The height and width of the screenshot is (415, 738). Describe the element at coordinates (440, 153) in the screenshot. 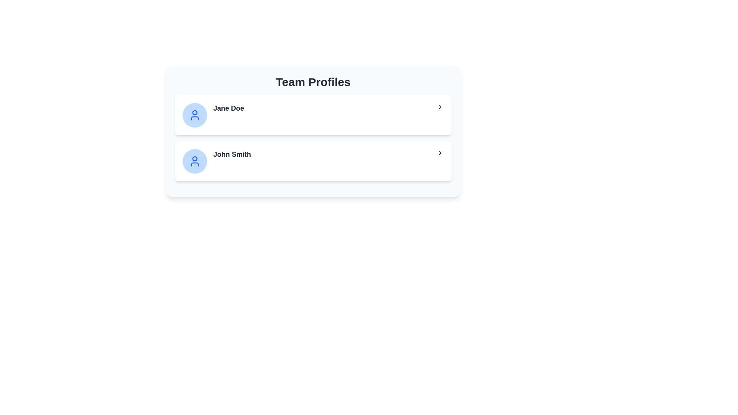

I see `the Rightward Chevron Icon next to 'John Smith'` at that location.